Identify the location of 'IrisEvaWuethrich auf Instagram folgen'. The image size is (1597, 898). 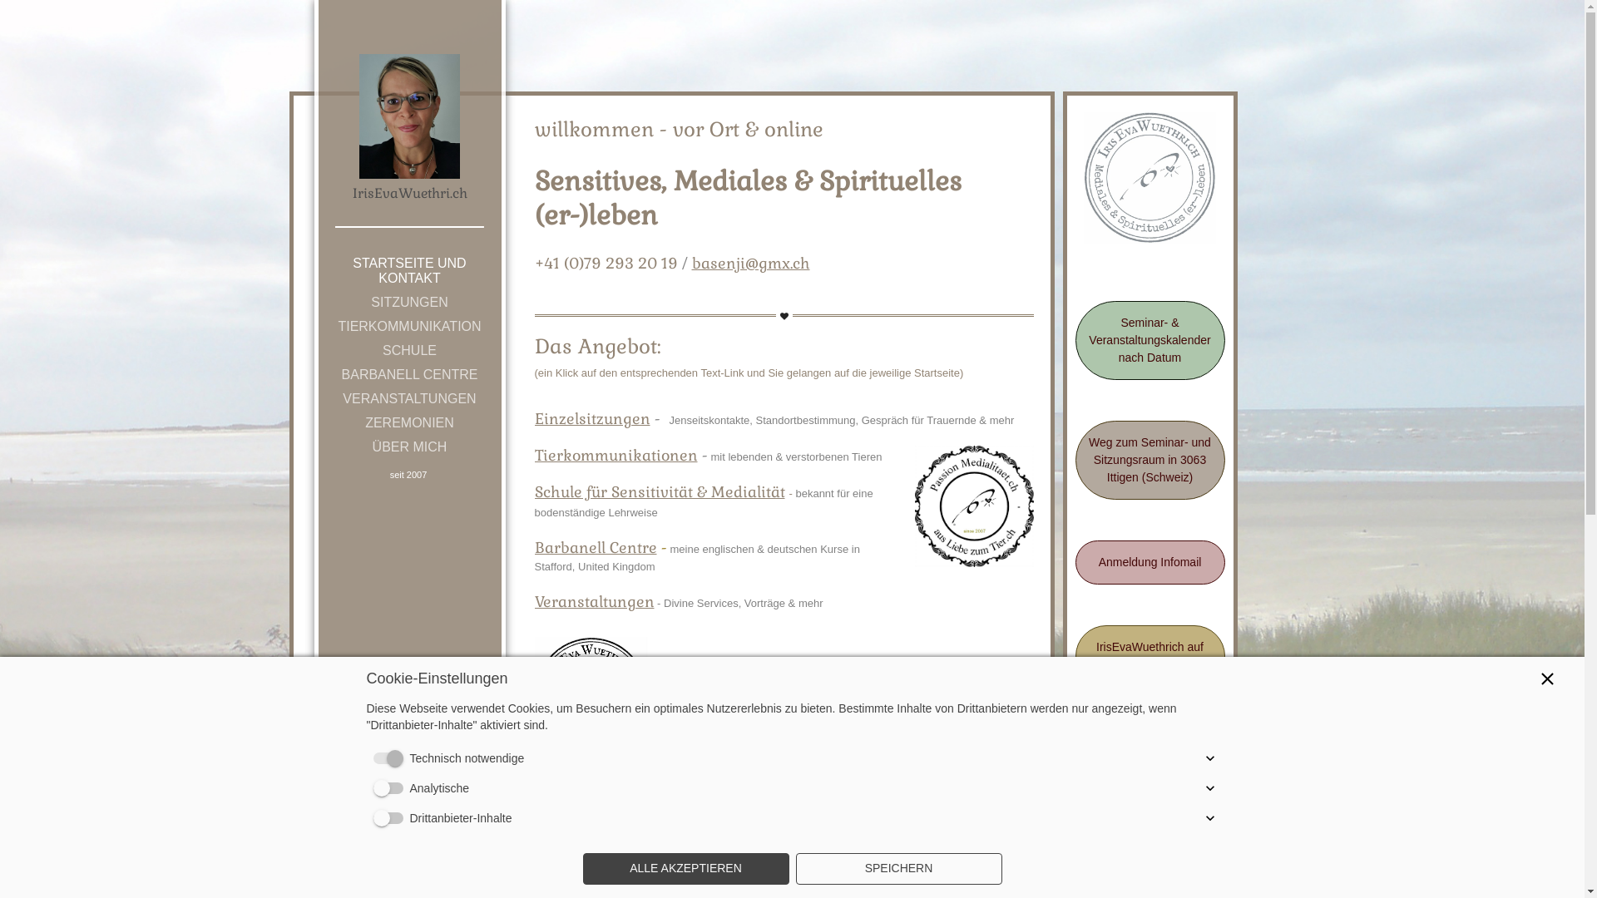
(1149, 655).